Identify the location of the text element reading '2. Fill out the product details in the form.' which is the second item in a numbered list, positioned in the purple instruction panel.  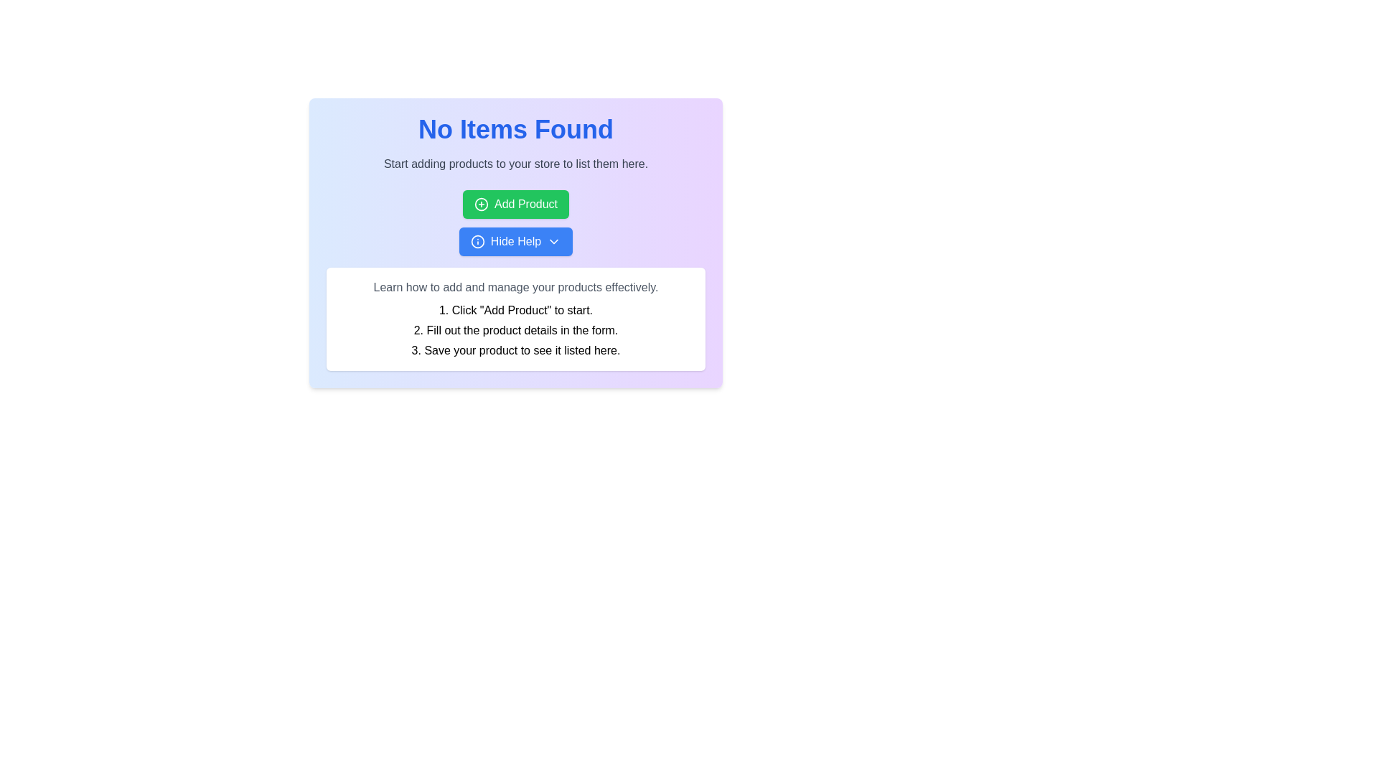
(516, 331).